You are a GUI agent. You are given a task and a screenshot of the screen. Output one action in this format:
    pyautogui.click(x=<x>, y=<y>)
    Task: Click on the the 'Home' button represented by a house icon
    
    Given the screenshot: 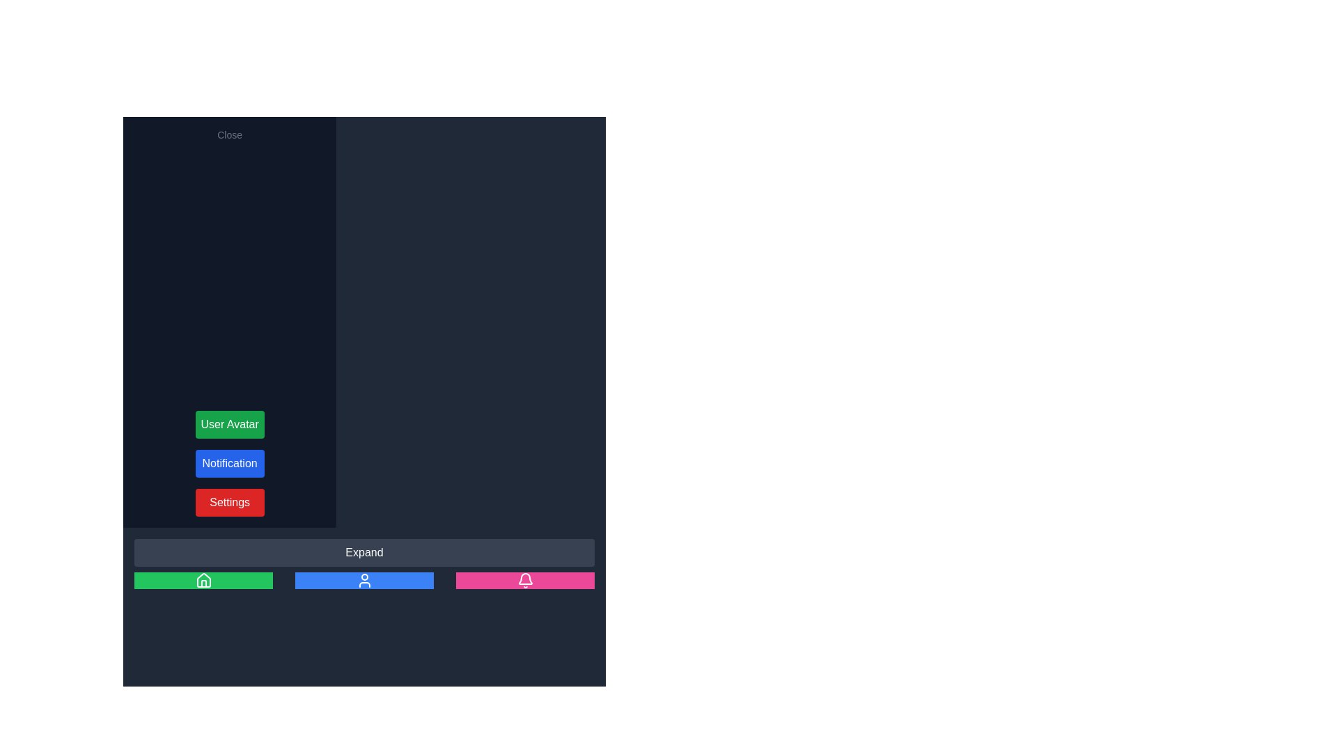 What is the action you would take?
    pyautogui.click(x=203, y=580)
    